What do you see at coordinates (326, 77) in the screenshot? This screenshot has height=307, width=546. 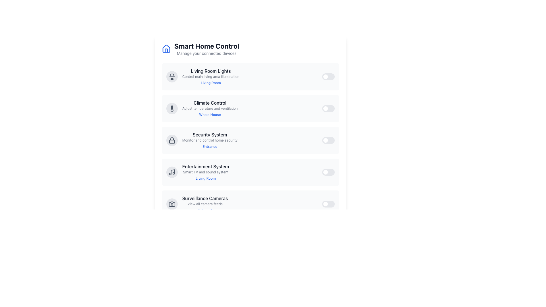 I see `the toggle switch indicator located to the left of the toggle switch in the 'Living Room Lights' section` at bounding box center [326, 77].